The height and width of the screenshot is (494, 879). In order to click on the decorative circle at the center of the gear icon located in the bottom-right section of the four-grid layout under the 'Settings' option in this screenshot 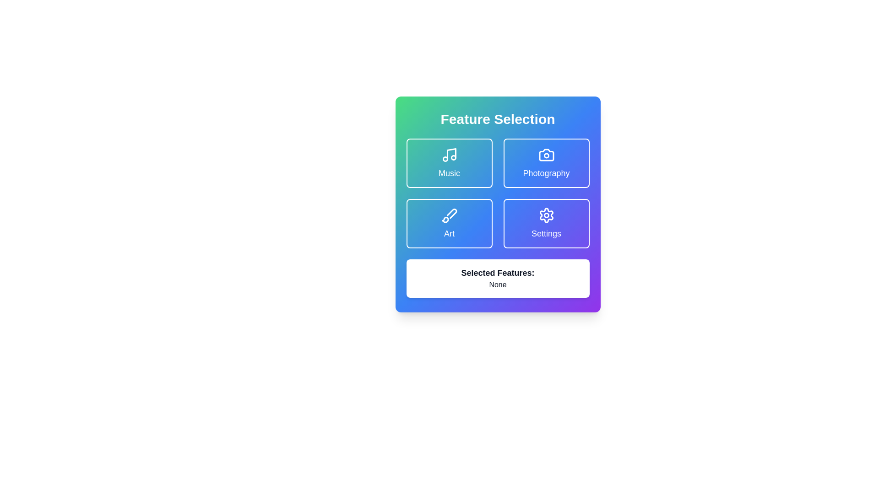, I will do `click(546, 215)`.